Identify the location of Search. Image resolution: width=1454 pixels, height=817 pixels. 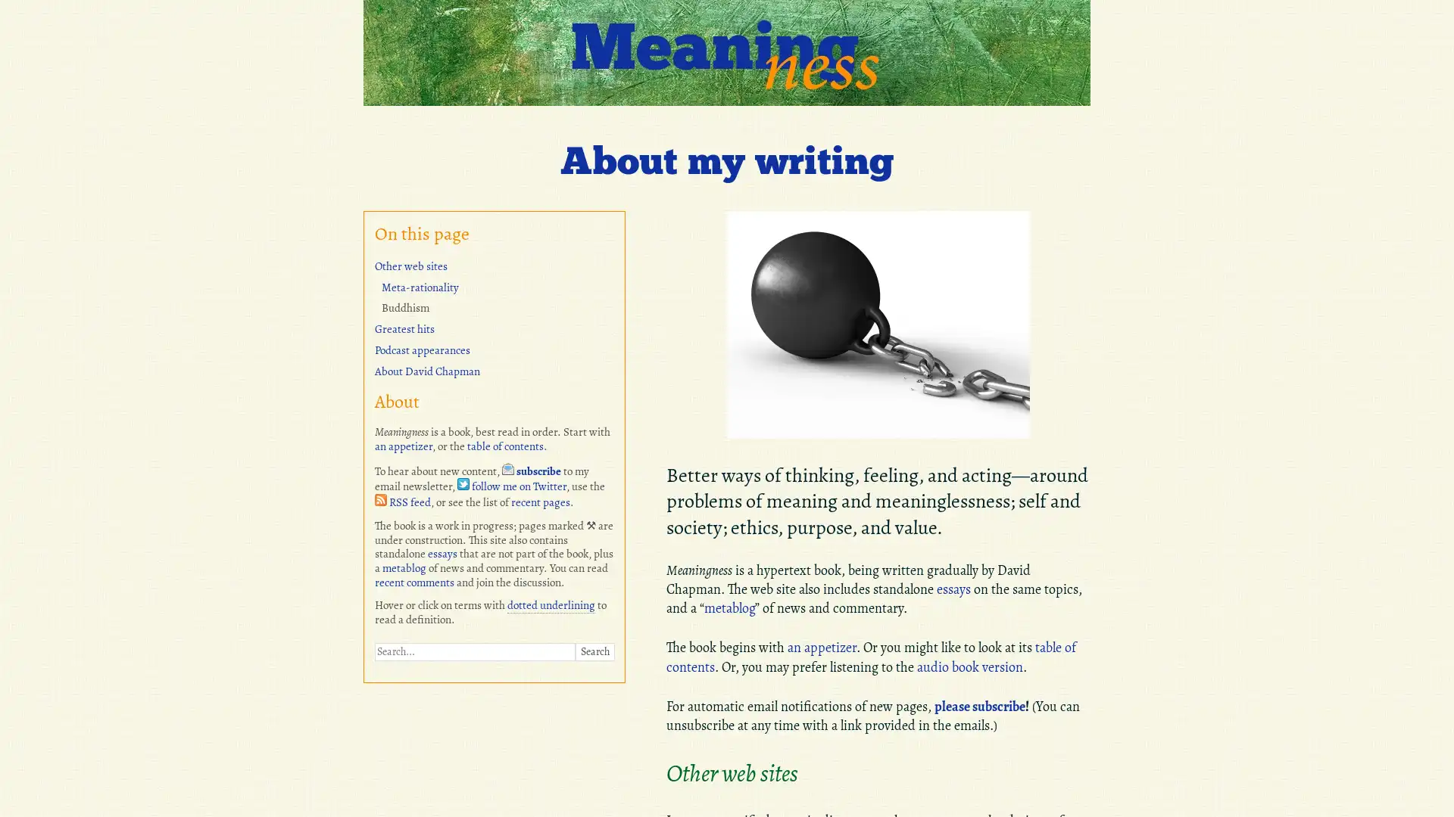
(594, 650).